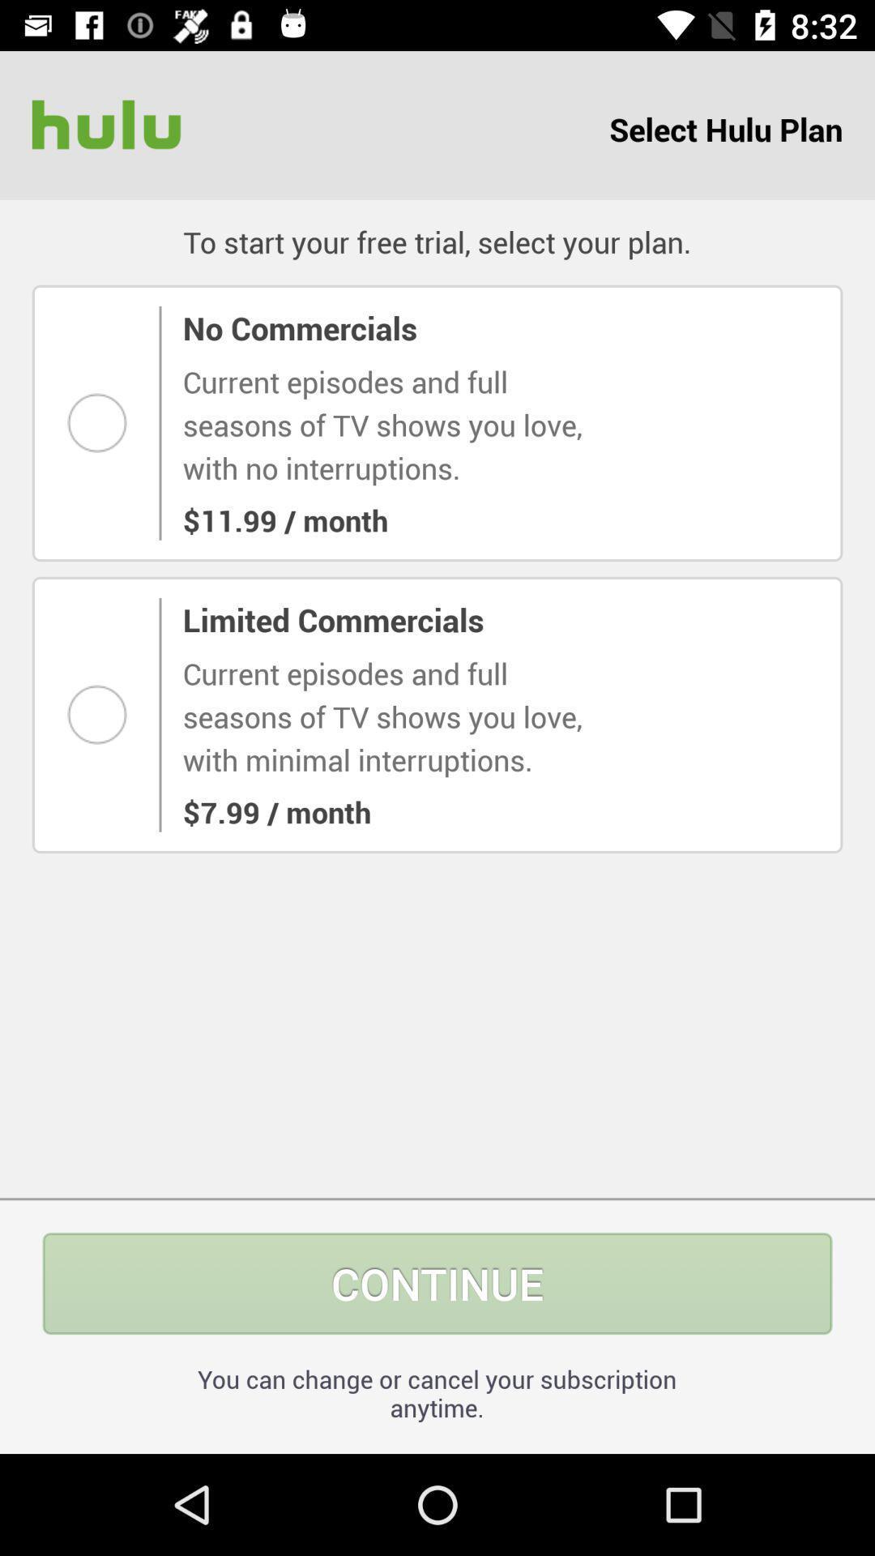  I want to click on option selection radio button, so click(102, 423).